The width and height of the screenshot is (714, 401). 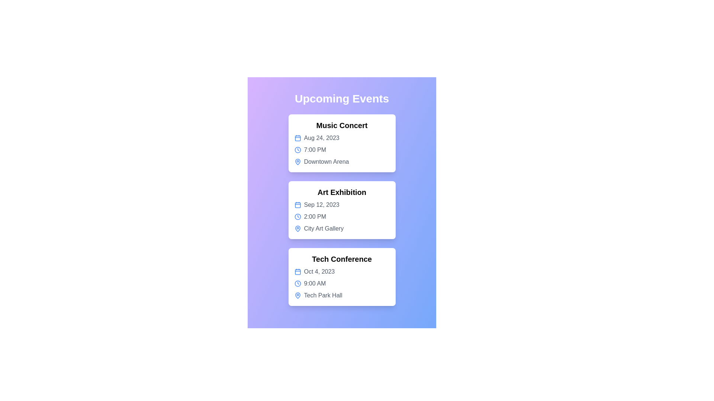 What do you see at coordinates (341, 125) in the screenshot?
I see `the text label stating 'Music Concert', which is styled in bold and enlarged black font, positioned at the top of the event card` at bounding box center [341, 125].